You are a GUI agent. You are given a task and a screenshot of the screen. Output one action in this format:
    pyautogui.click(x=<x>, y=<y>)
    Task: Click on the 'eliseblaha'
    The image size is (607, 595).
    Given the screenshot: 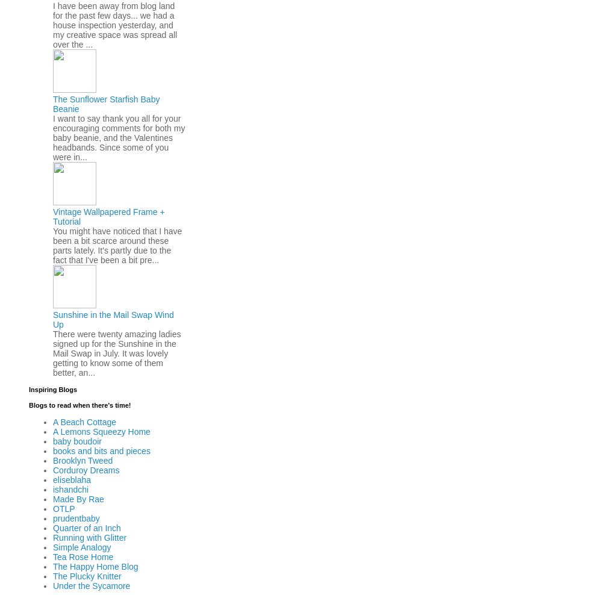 What is the action you would take?
    pyautogui.click(x=52, y=479)
    